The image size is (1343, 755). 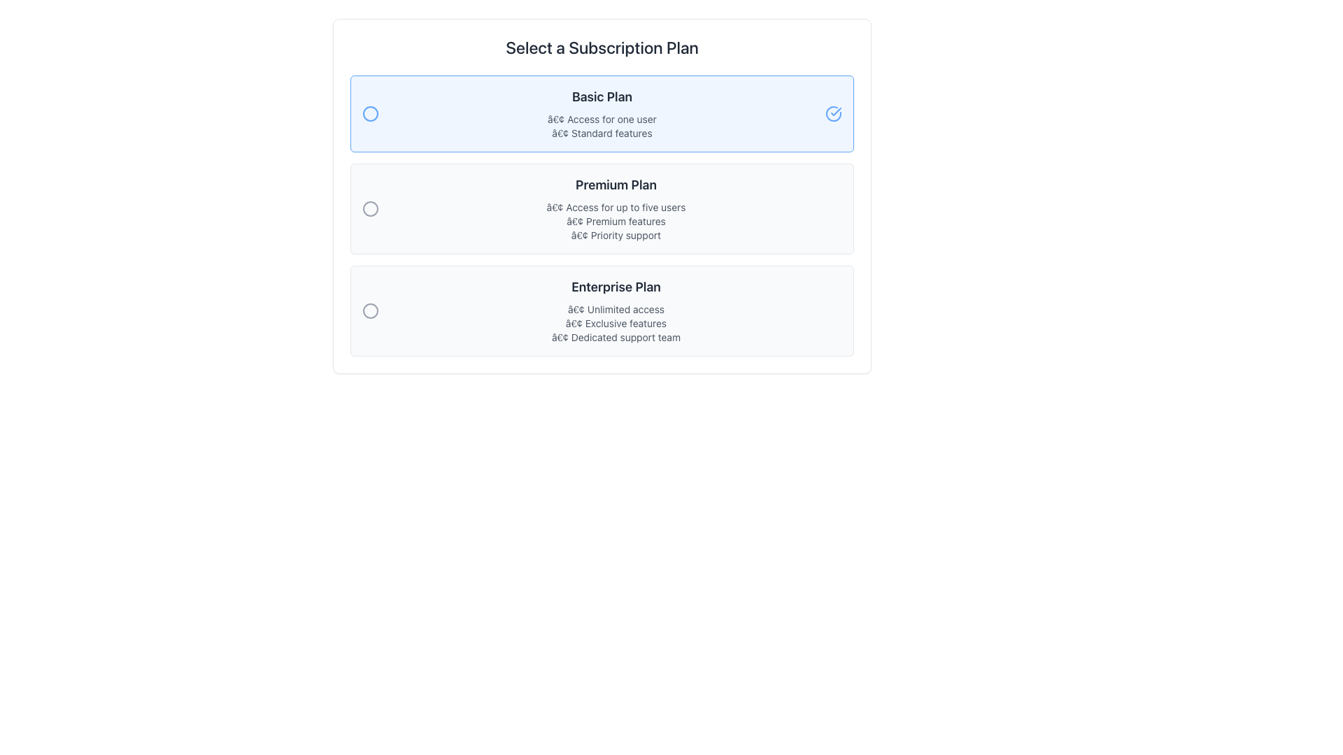 I want to click on the graphical representation circle element indicating the selected state of the Basic Plan subscription, so click(x=370, y=113).